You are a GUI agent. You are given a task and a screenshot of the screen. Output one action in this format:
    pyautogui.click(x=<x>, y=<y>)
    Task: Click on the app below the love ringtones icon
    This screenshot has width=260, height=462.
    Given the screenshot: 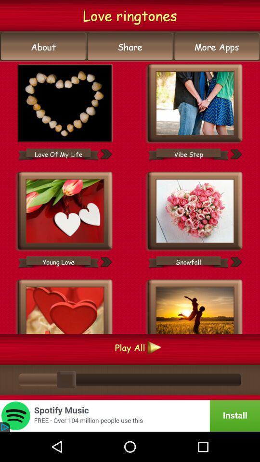 What is the action you would take?
    pyautogui.click(x=217, y=47)
    